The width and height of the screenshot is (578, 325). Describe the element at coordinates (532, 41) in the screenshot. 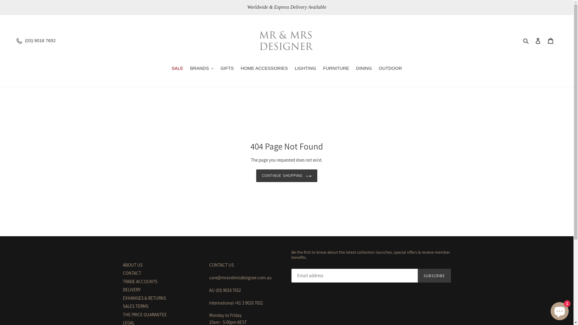

I see `'Log in'` at that location.